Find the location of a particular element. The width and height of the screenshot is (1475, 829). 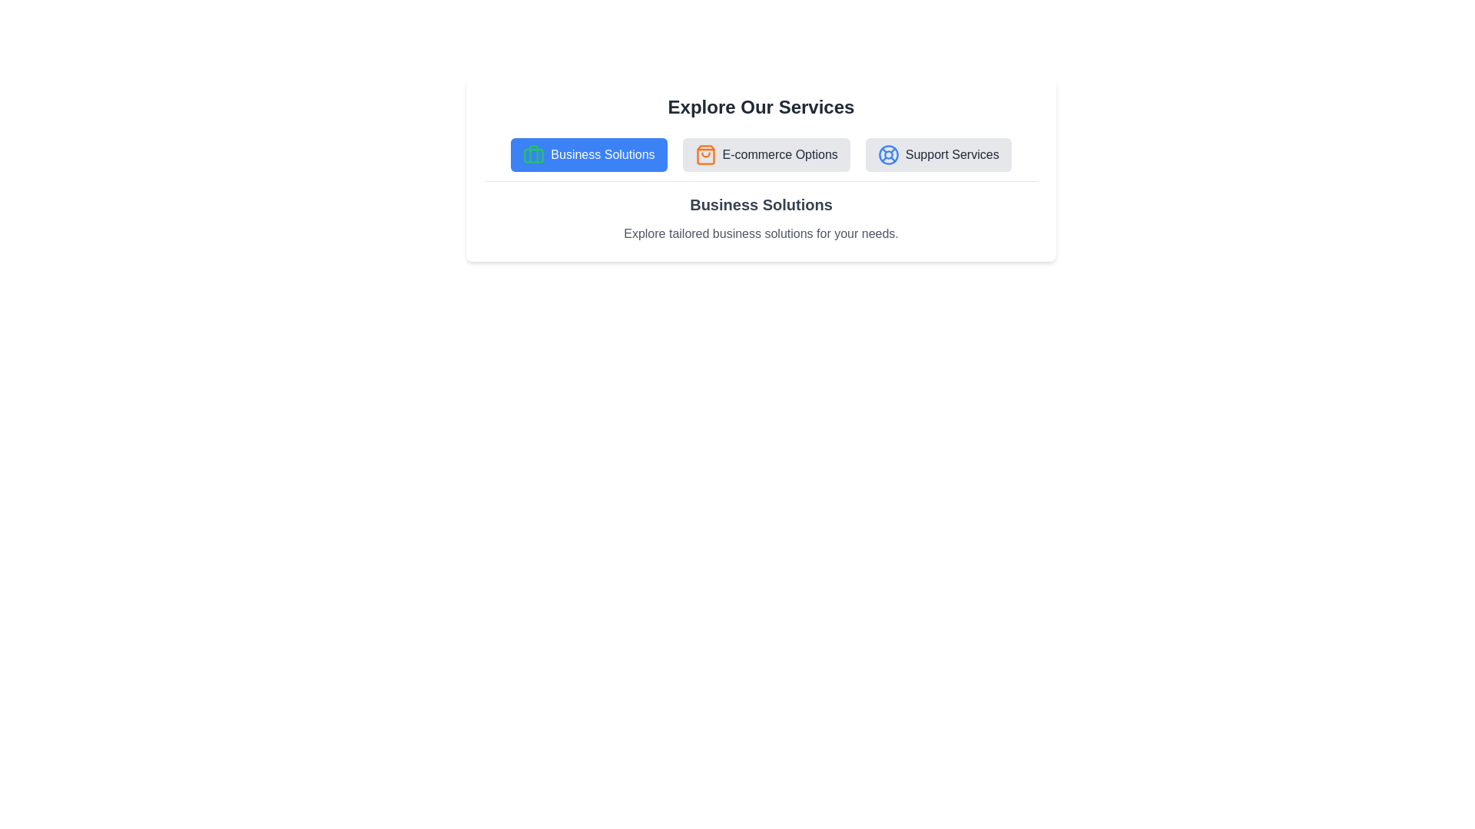

the tab corresponding to Business Solutions is located at coordinates (588, 154).